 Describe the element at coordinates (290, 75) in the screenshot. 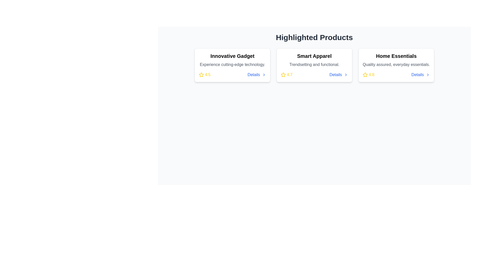

I see `numeric rating '4.7' displayed in the yellow text label located in the middle panel labeled 'Smart Apparel', positioned to the right of the star icon` at that location.